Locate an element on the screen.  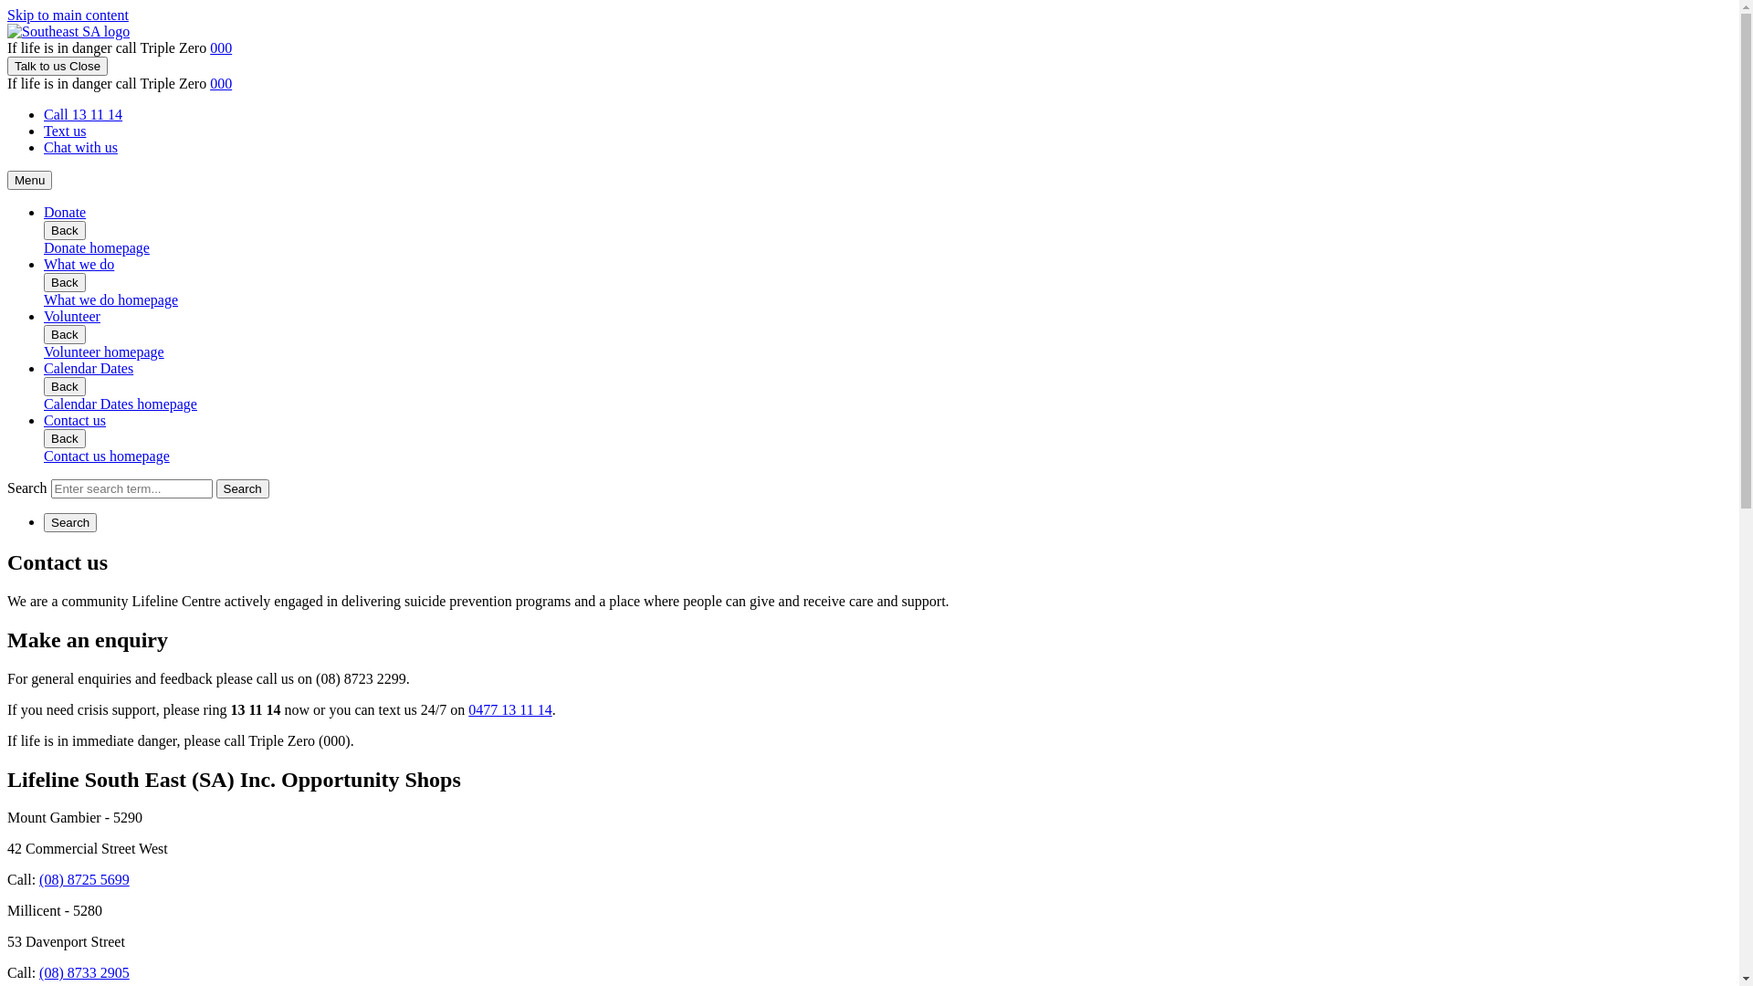
'000' is located at coordinates (219, 47).